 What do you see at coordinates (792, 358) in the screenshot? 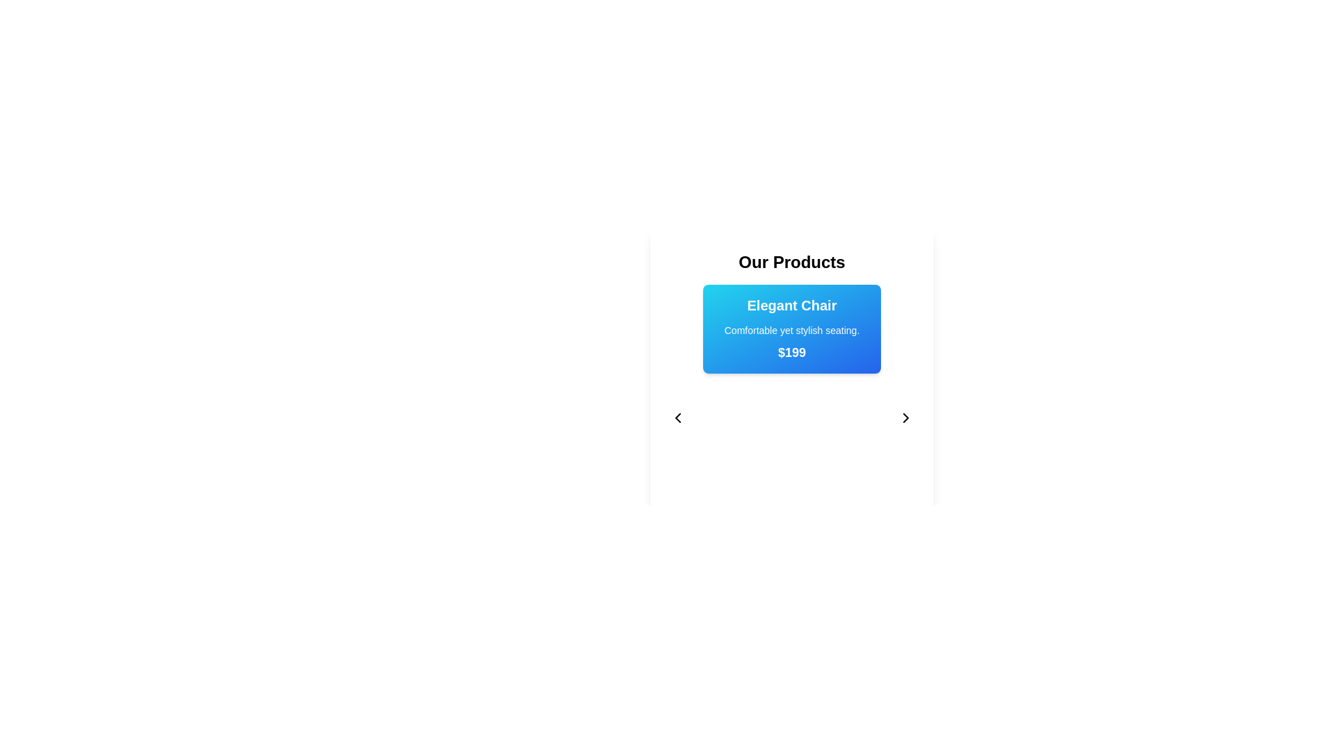
I see `the product card titled 'Elegant Chair', which features a gradient background from cyan to blue, with the price '$199' displayed at the bottom` at bounding box center [792, 358].